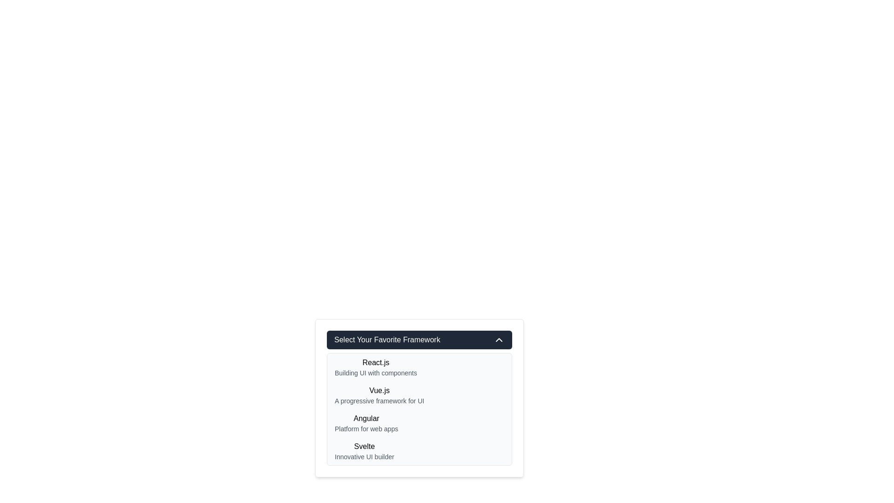 This screenshot has height=503, width=894. I want to click on the fourth item in the dropdown list titled 'Select Your Favorite Framework', which contains the bold title 'Svelte' and the description 'Innovative UI builder', so click(364, 450).